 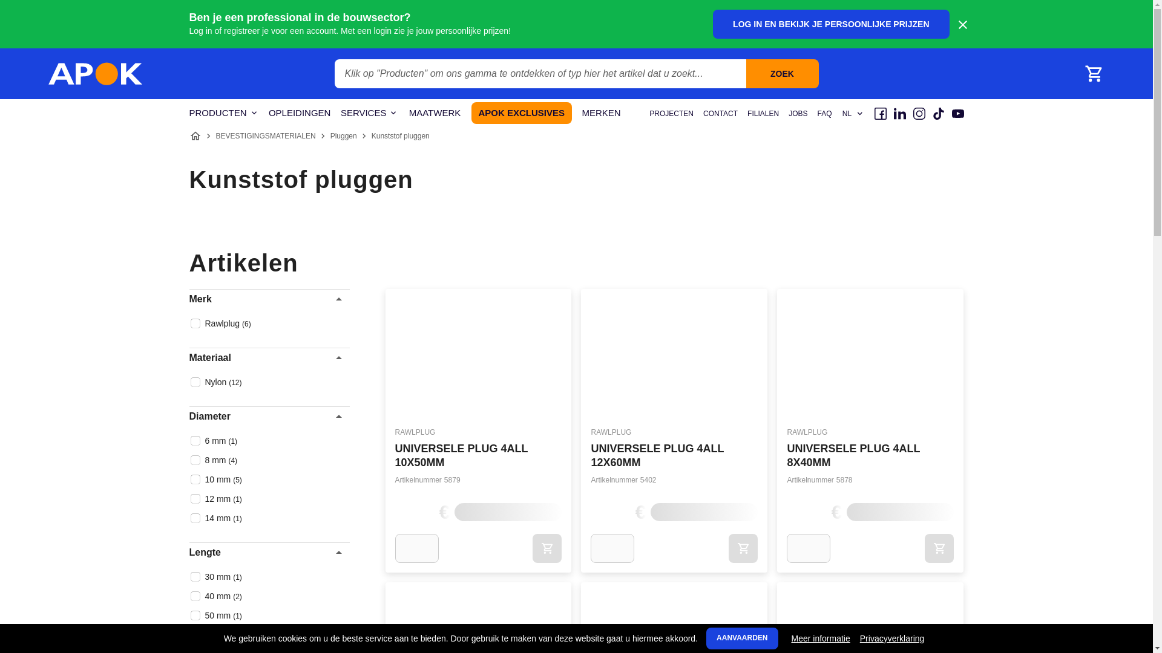 I want to click on 'UNIVERSELE PLUG 4ALL 10X50MM', so click(x=395, y=455).